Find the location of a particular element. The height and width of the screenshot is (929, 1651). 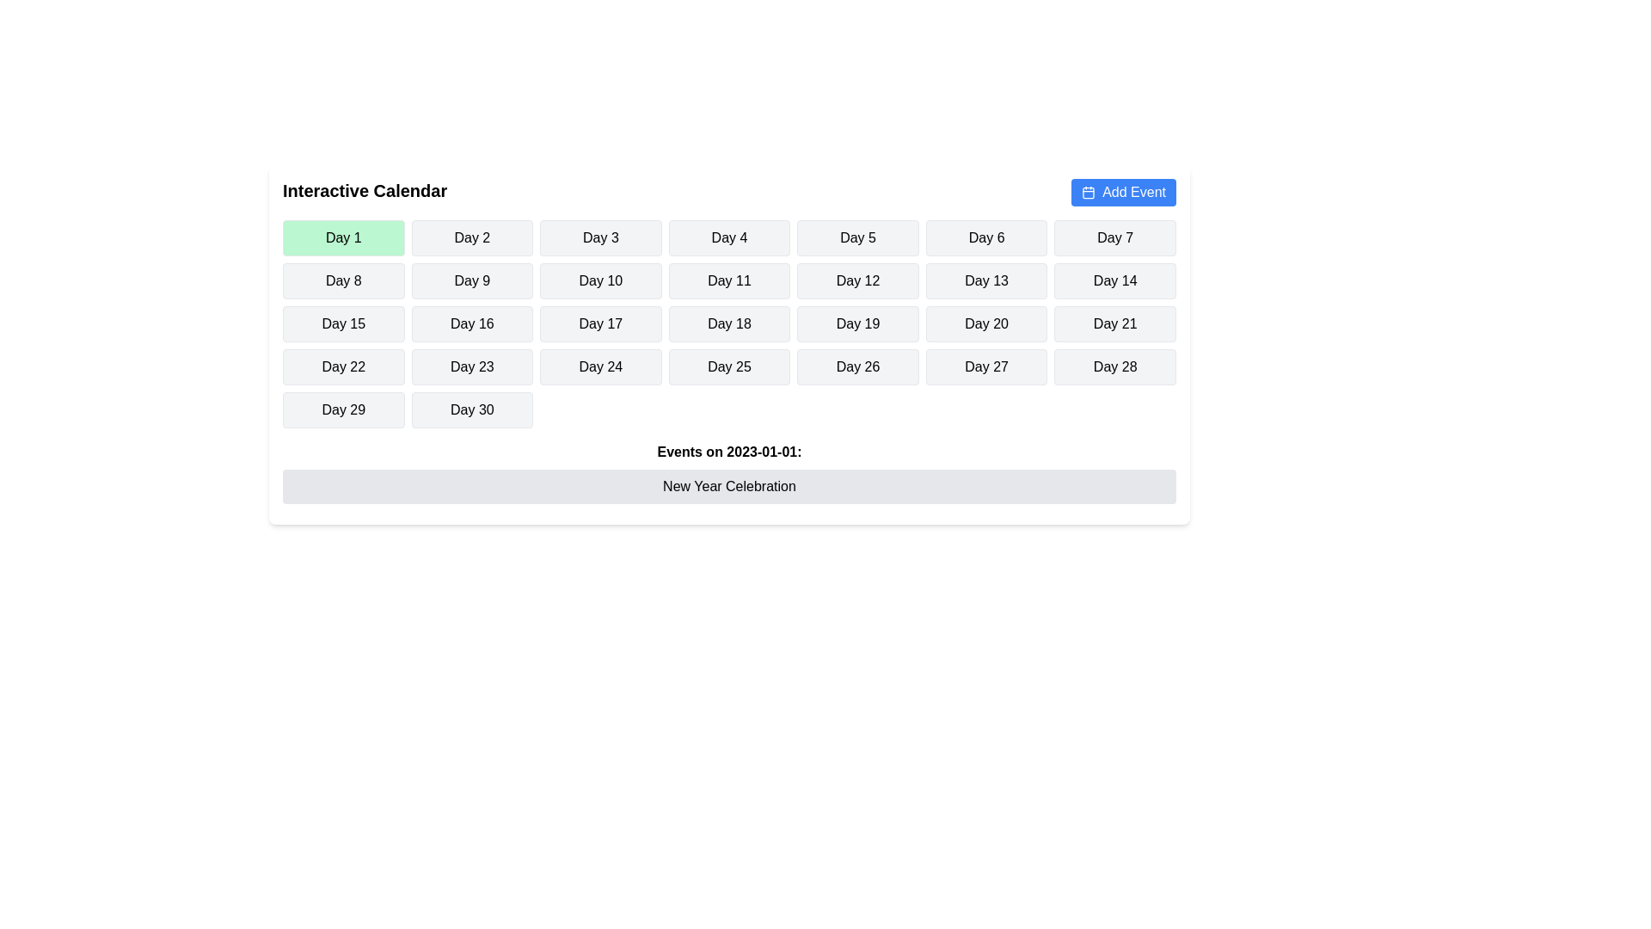

the 'Day 23' button, which is a rectangular button with a light gray background located in the fourth row and second column of the calendar grid layout is located at coordinates (472, 366).